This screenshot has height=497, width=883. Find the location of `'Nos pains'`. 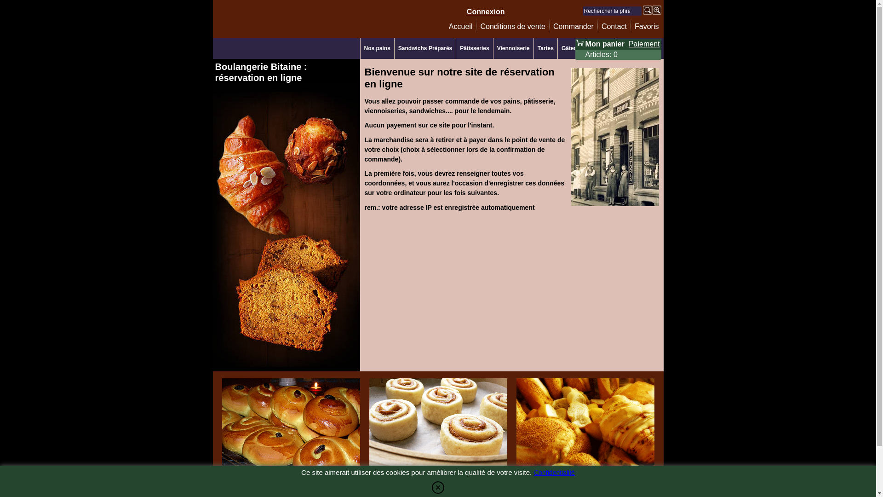

'Nos pains' is located at coordinates (377, 48).